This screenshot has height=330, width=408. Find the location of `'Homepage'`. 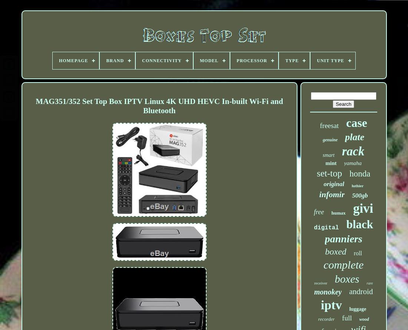

'Homepage' is located at coordinates (73, 60).